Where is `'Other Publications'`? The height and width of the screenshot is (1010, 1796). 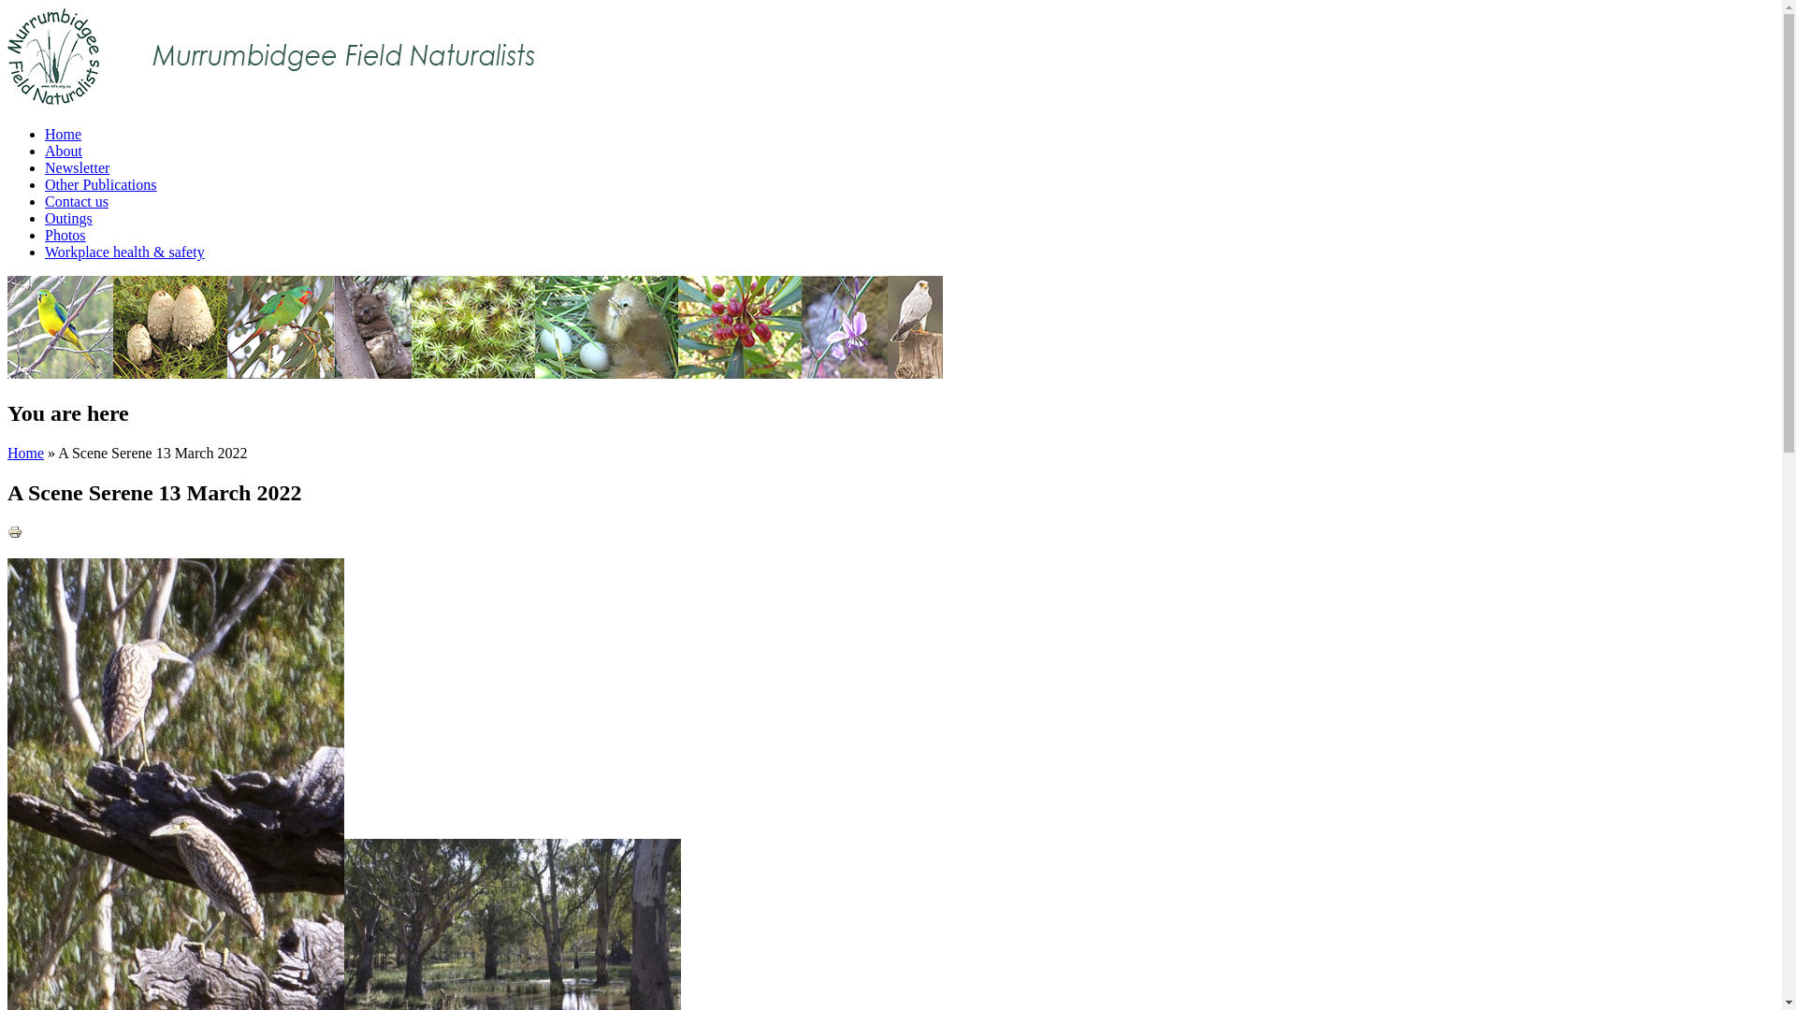
'Other Publications' is located at coordinates (99, 184).